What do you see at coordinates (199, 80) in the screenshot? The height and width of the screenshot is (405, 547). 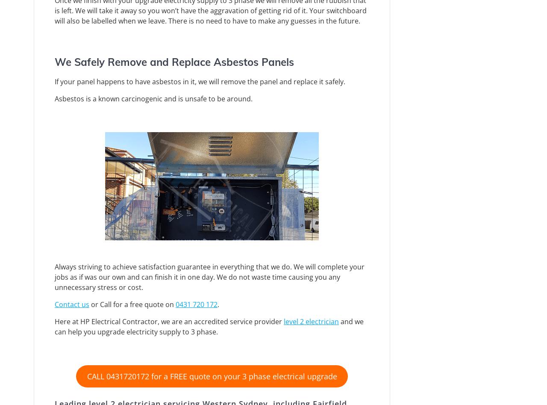 I see `'If your panel happens to have asbestos in it, we will remove the panel and replace it safely.'` at bounding box center [199, 80].